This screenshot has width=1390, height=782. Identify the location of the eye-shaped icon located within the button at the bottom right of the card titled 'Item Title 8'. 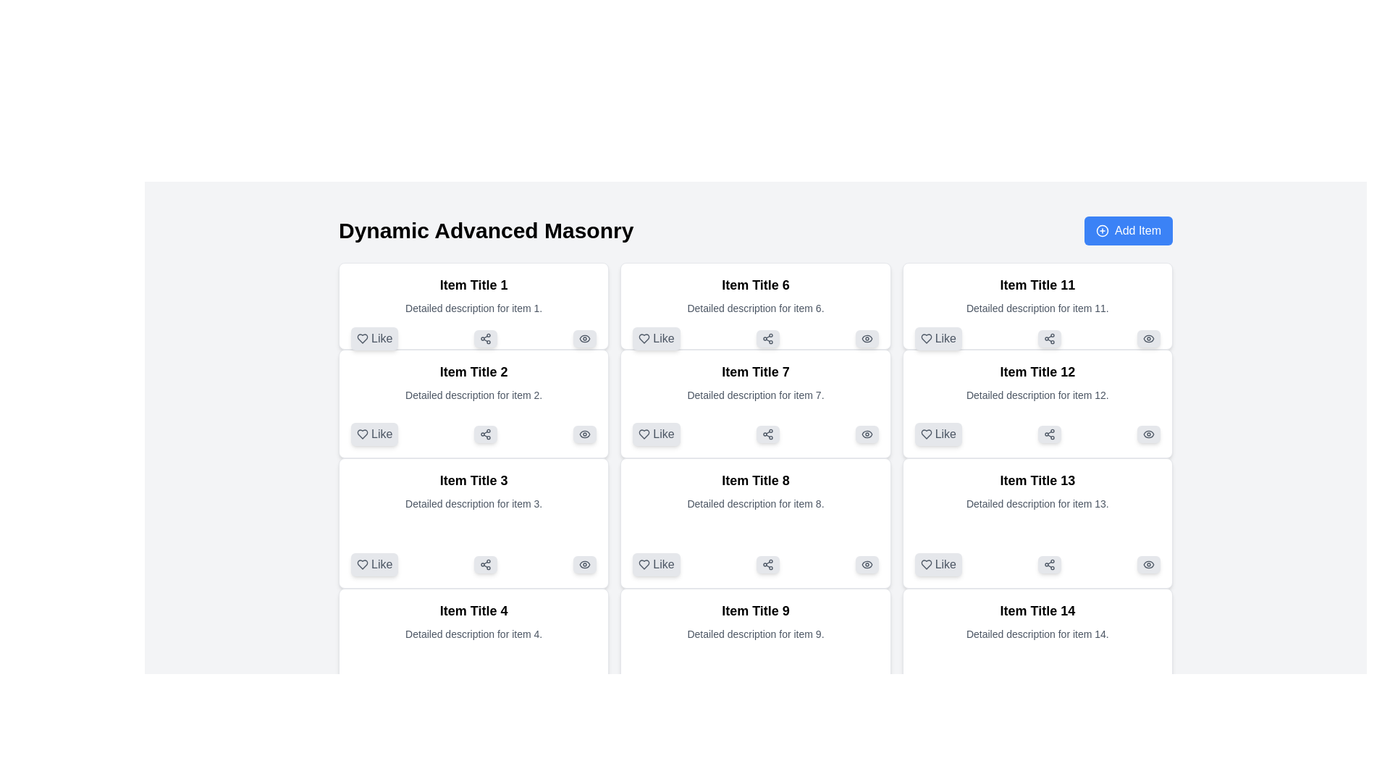
(867, 563).